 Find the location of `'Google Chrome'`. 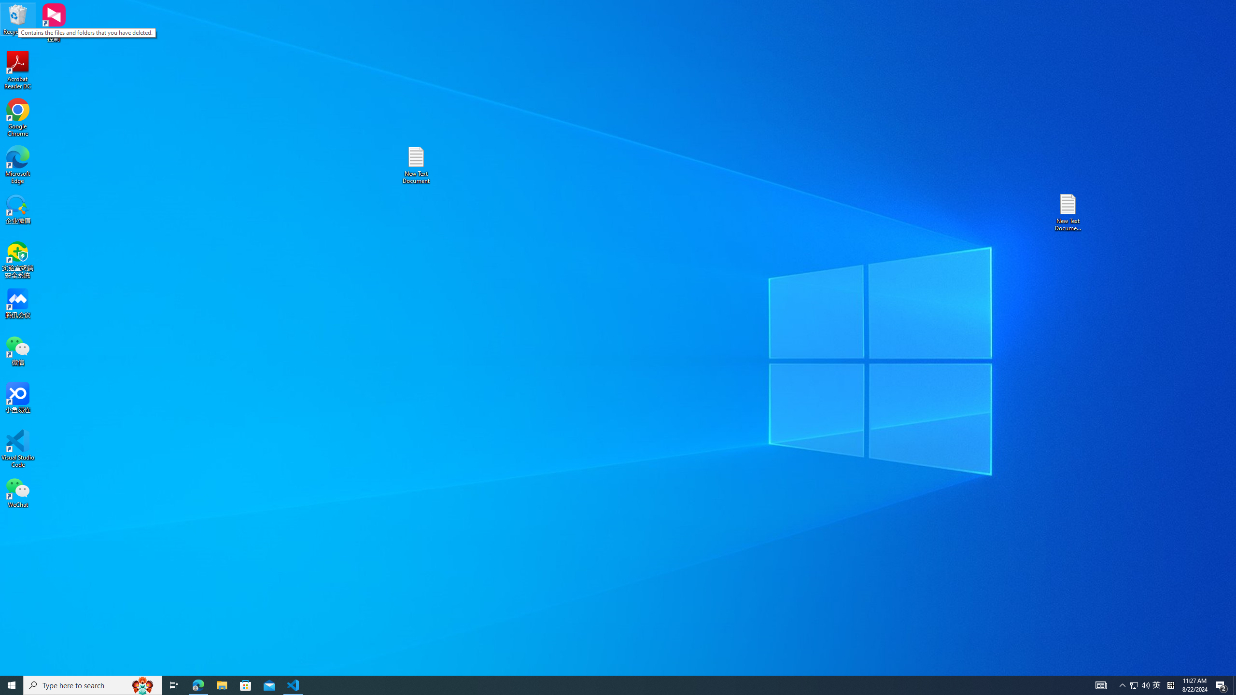

'Google Chrome' is located at coordinates (17, 118).